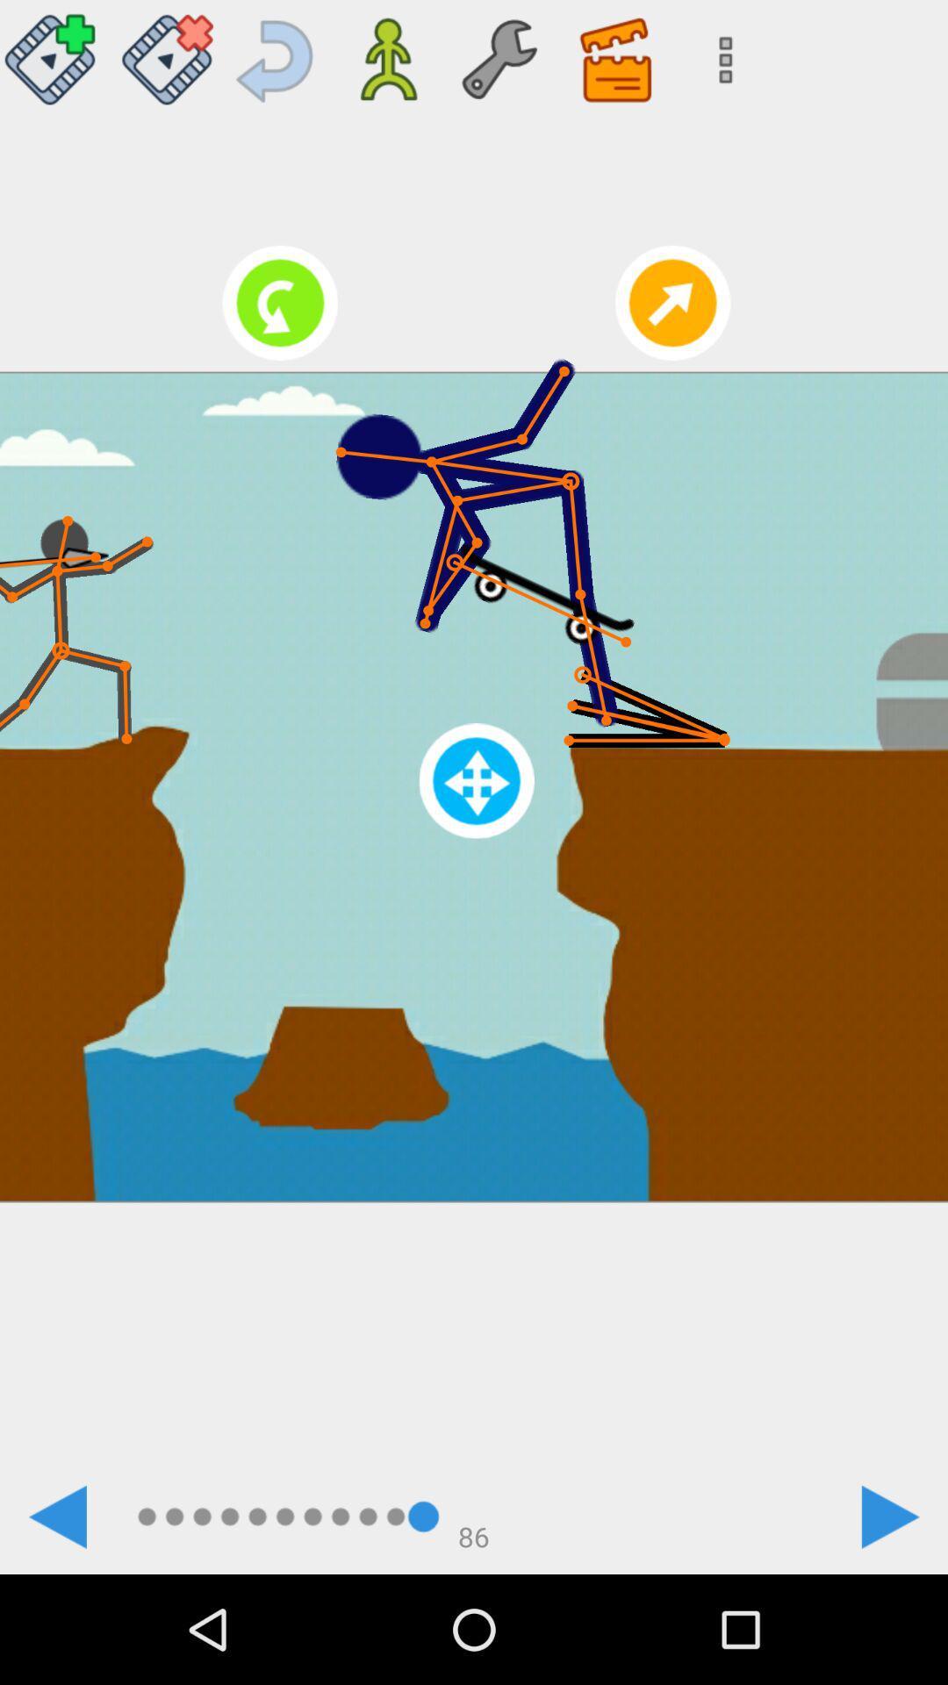 This screenshot has width=948, height=1685. I want to click on setting, so click(499, 53).